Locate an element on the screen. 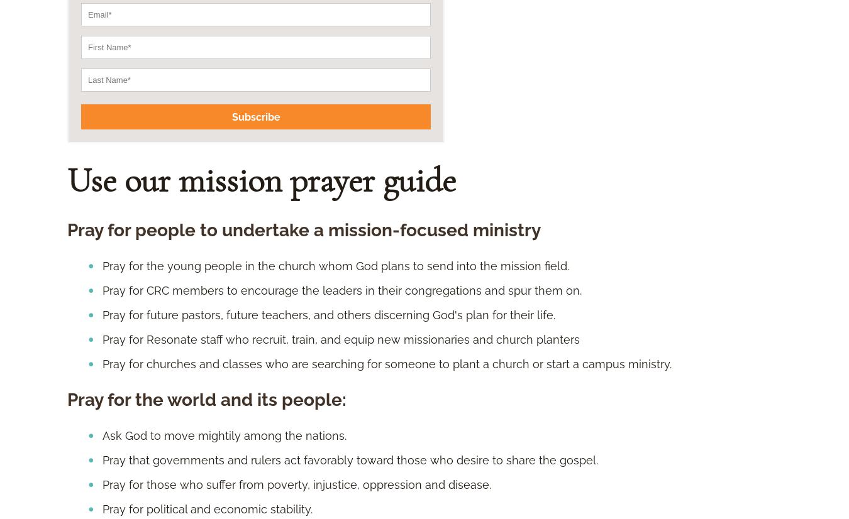 The image size is (849, 519). 'Experience good emotional, spiritual, physical health.' is located at coordinates (245, 171).